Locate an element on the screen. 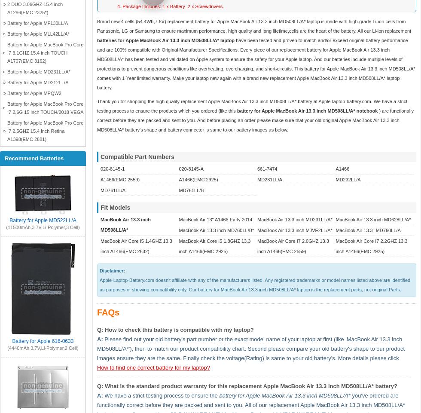 This screenshot has height=413, width=421. 'Brand new 4 cells (54.4Wh,7.6V) replacement' is located at coordinates (146, 21).